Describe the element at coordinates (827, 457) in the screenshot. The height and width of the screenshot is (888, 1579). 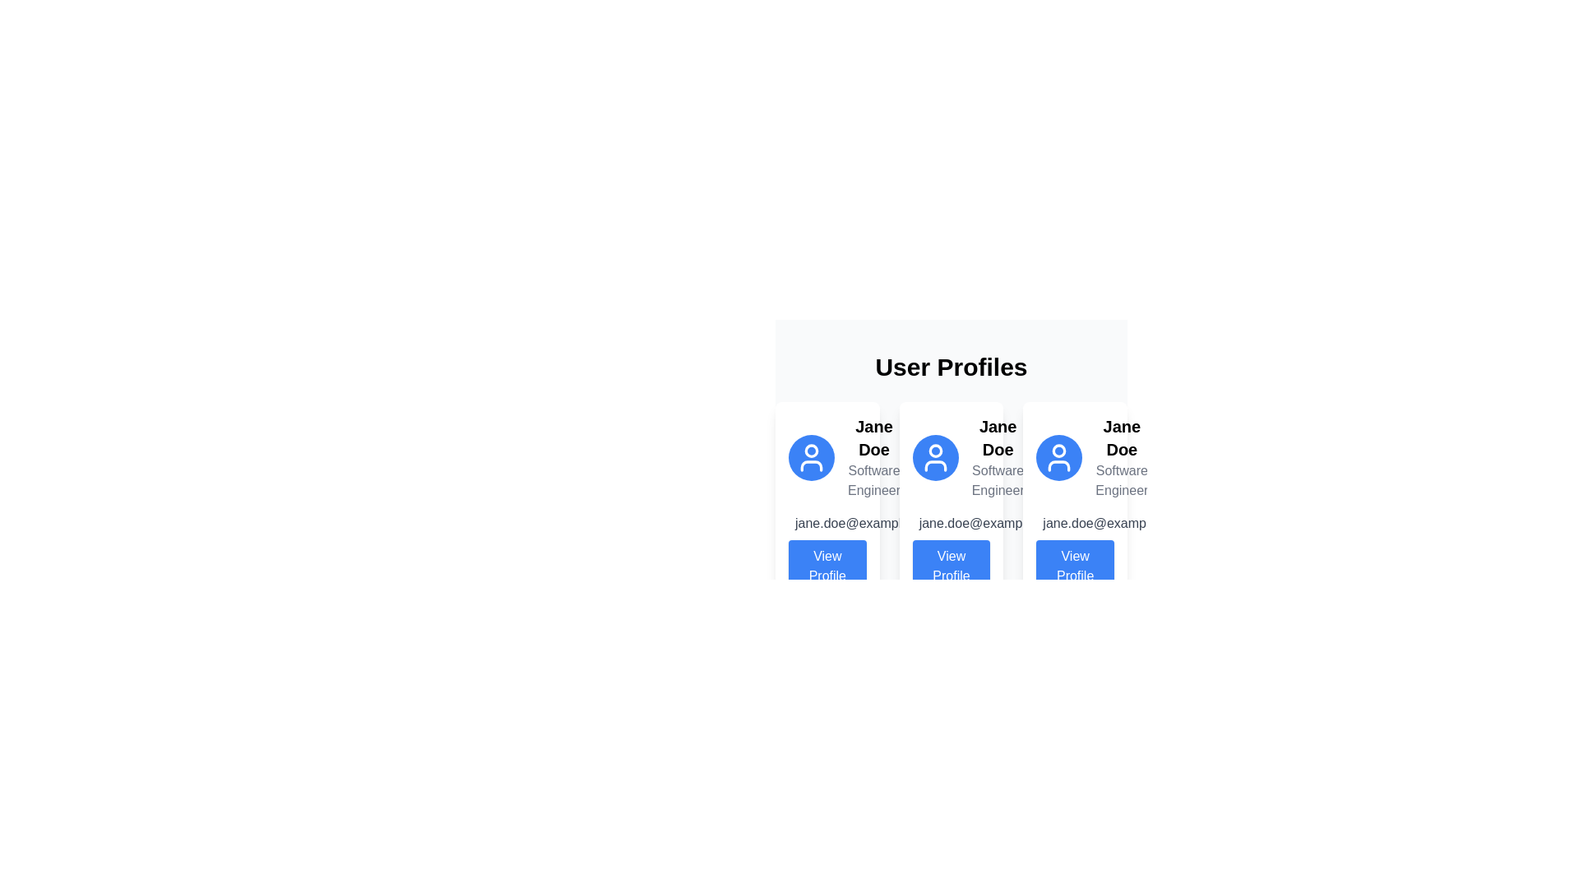
I see `the Profile Display Block containing the user profile summary of 'Jane Doe', which features a circular blue icon with a silhouette on the left and text on the right` at that location.